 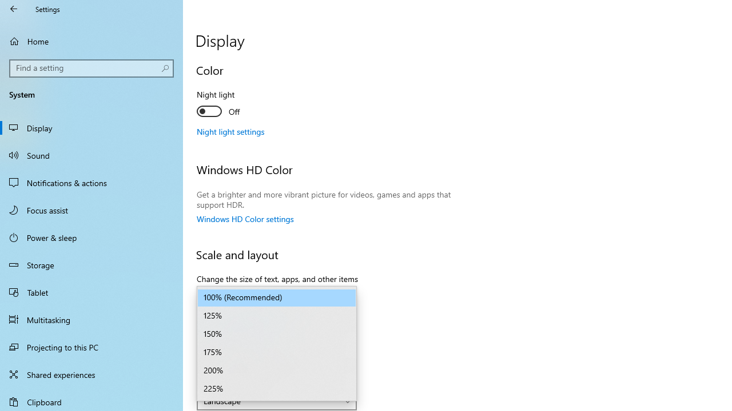 I want to click on 'Night light settings', so click(x=230, y=131).